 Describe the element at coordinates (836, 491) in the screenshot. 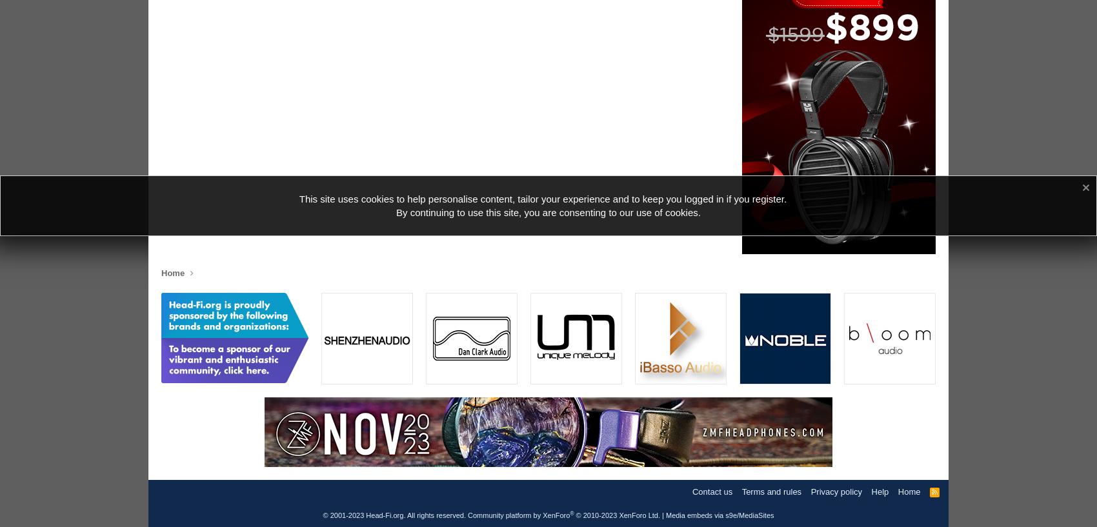

I see `'Privacy policy'` at that location.